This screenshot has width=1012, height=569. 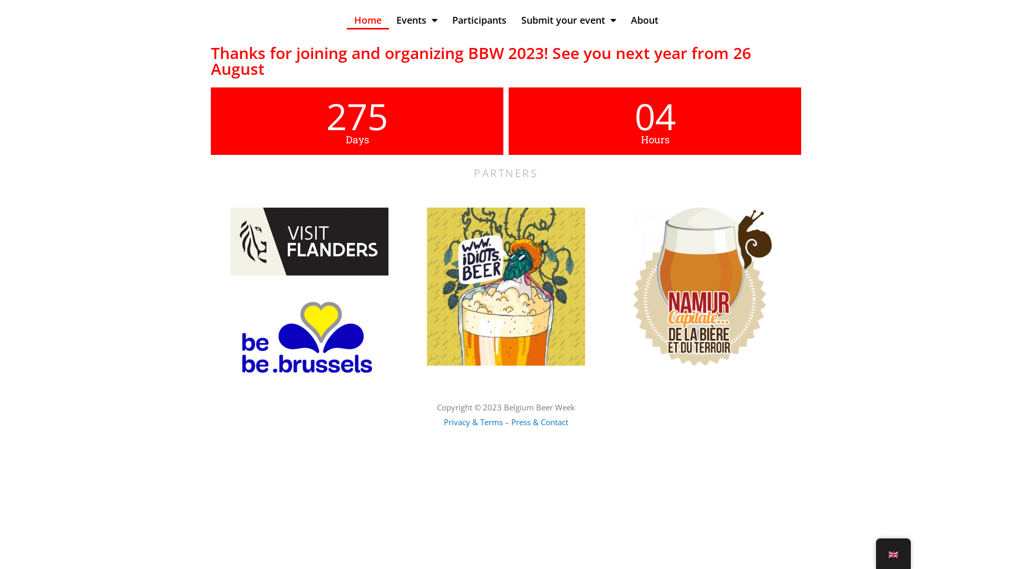 I want to click on 'Press & Contact', so click(x=539, y=421).